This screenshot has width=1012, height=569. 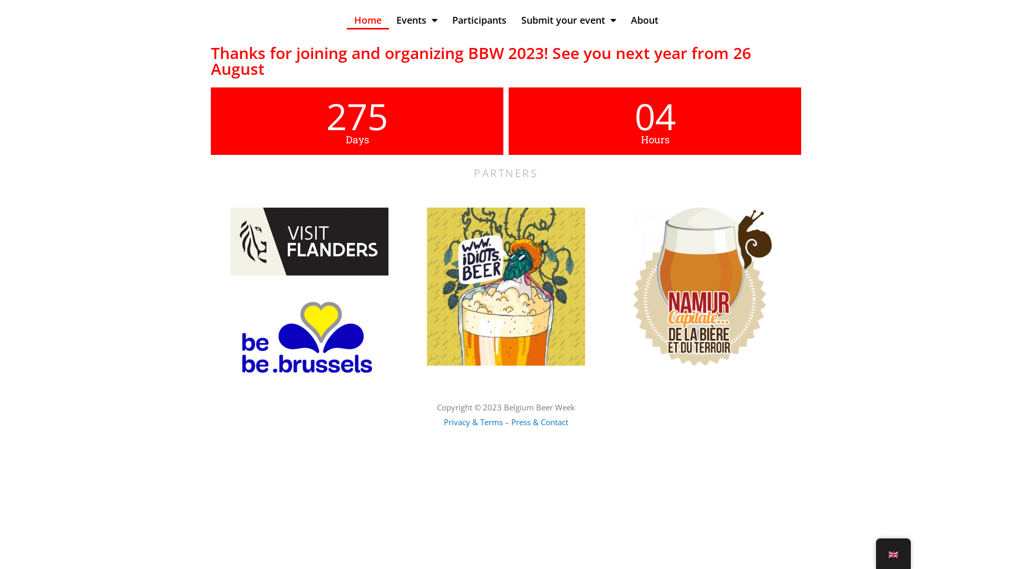 I want to click on 'Press & Contact', so click(x=539, y=421).